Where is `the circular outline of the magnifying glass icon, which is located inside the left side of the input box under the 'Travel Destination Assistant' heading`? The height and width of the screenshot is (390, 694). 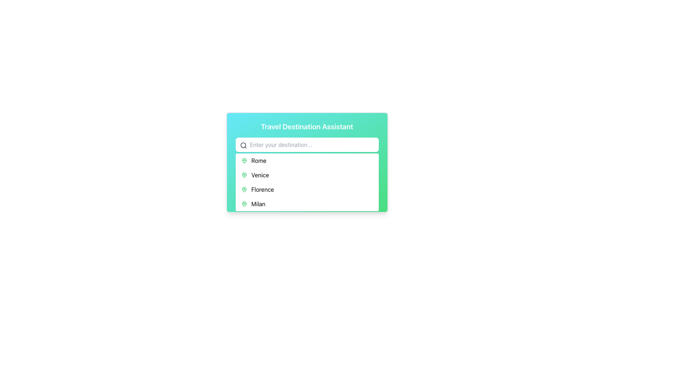 the circular outline of the magnifying glass icon, which is located inside the left side of the input box under the 'Travel Destination Assistant' heading is located at coordinates (243, 145).